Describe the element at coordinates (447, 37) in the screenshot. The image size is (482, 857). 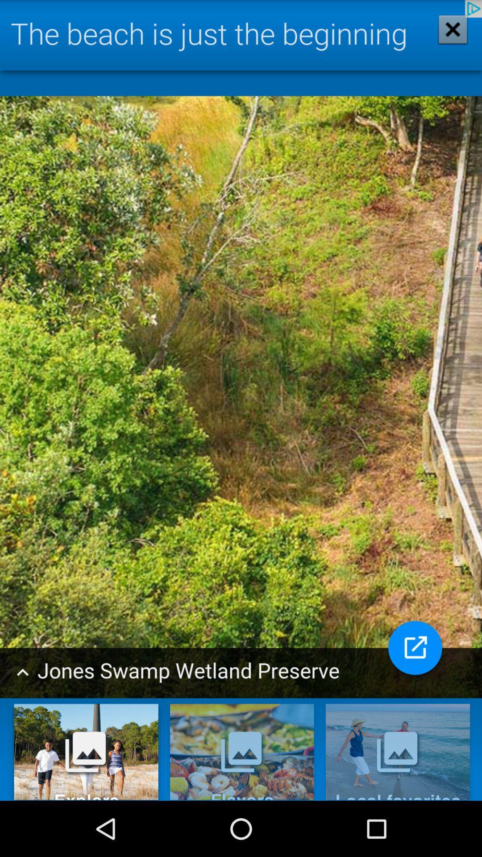
I see `the close icon` at that location.